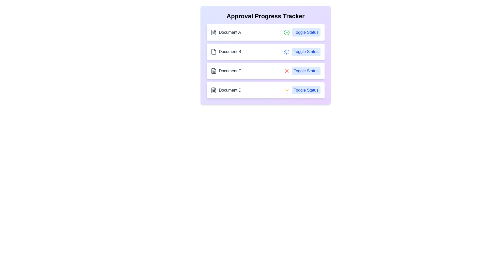 This screenshot has height=274, width=488. I want to click on the toggle button for 'Document A' located in the 'Approval Progress Tracker', so click(302, 32).